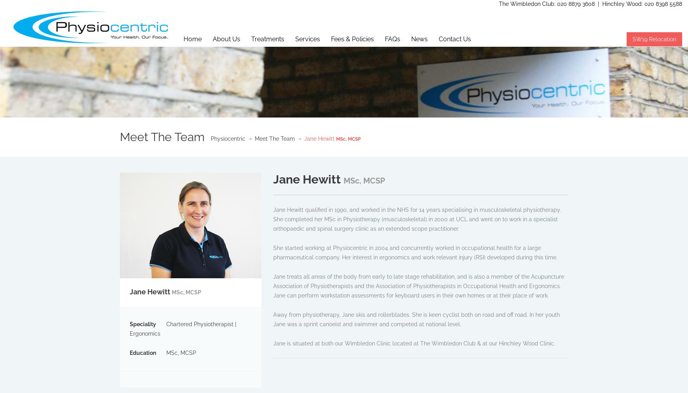 The height and width of the screenshot is (393, 688). What do you see at coordinates (307, 39) in the screenshot?
I see `'Services'` at bounding box center [307, 39].